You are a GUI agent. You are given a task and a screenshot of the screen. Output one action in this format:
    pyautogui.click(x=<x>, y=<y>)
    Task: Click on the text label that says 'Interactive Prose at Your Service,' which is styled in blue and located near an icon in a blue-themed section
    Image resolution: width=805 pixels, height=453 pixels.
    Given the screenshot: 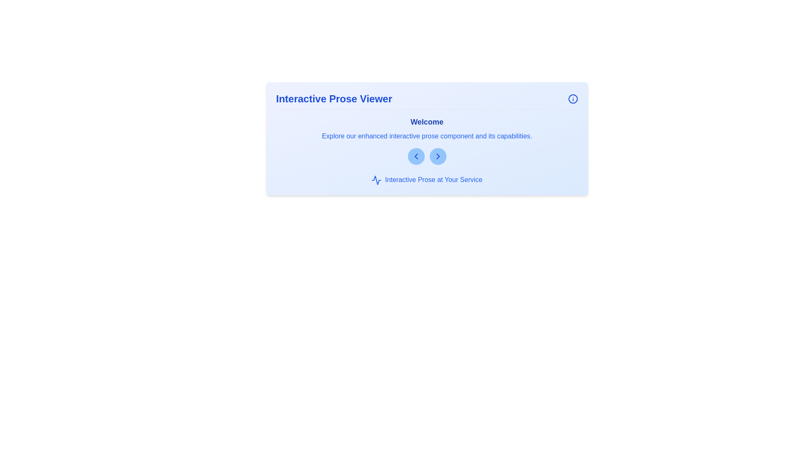 What is the action you would take?
    pyautogui.click(x=434, y=179)
    